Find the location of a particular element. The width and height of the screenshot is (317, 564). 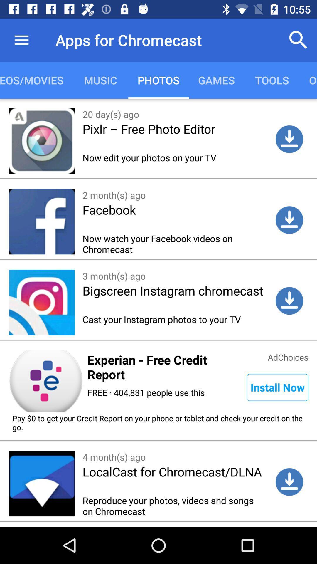

the icon above videos/movies item is located at coordinates (21, 40).